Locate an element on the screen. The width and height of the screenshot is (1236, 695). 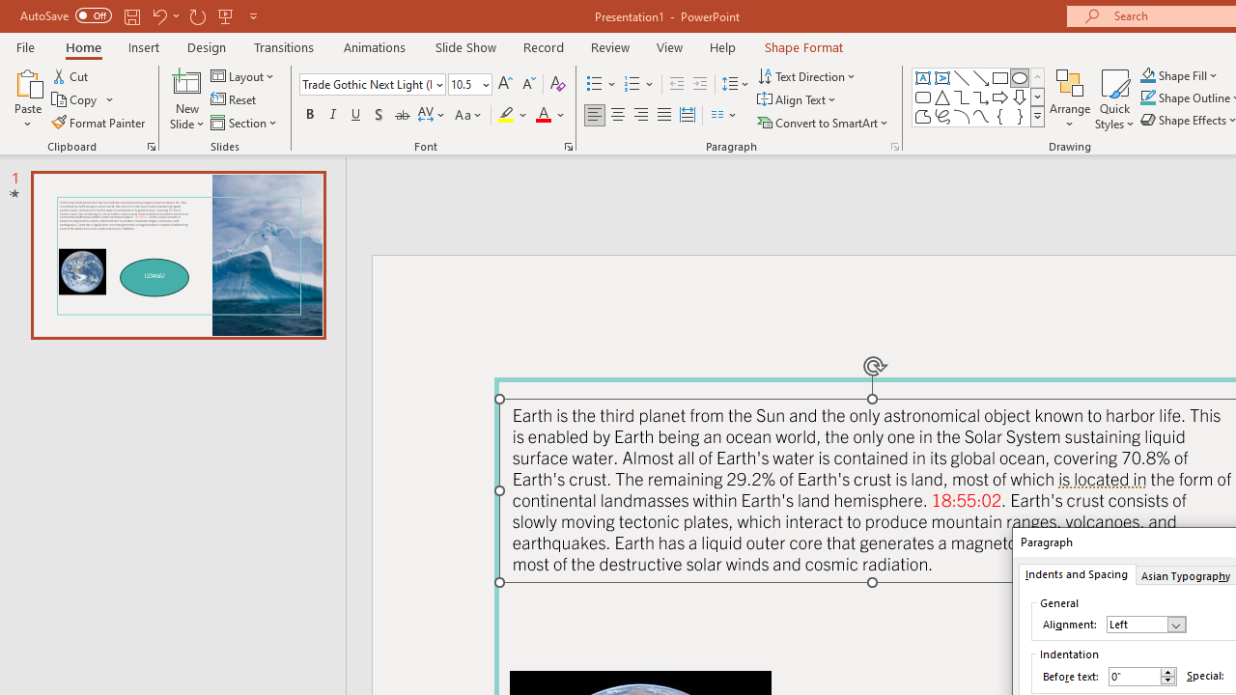
'Alignment' is located at coordinates (1146, 624).